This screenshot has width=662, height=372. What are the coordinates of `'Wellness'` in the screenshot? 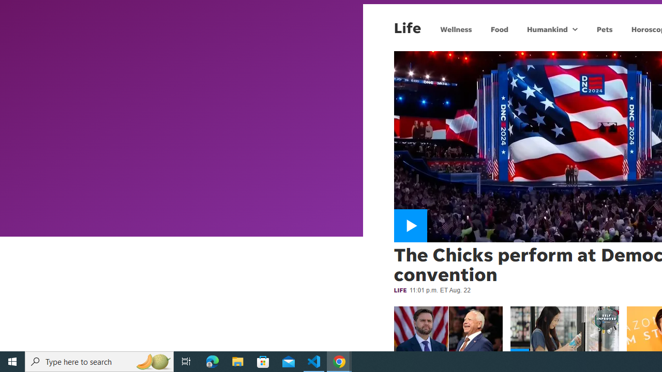 It's located at (455, 28).